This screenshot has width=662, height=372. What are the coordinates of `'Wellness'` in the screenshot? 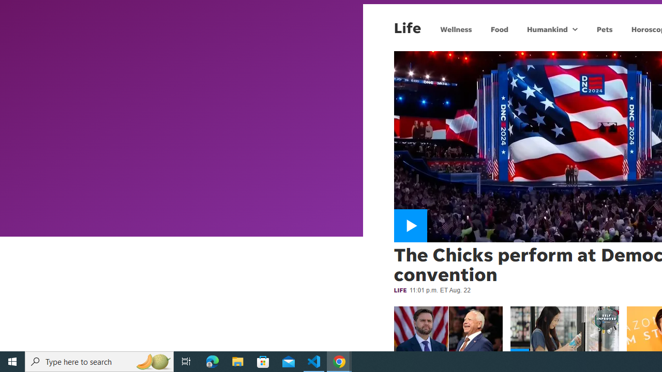 It's located at (455, 28).